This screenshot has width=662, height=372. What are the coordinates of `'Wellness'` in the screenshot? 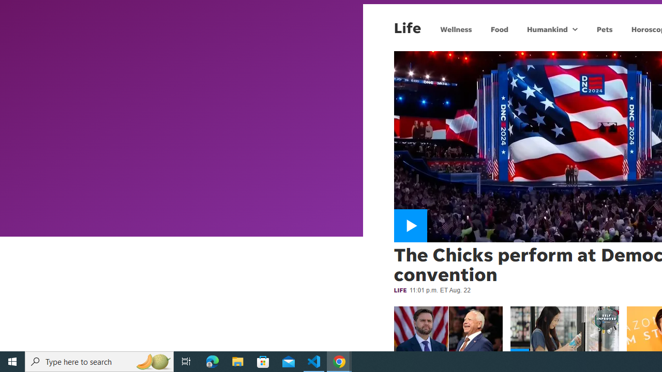 It's located at (455, 28).